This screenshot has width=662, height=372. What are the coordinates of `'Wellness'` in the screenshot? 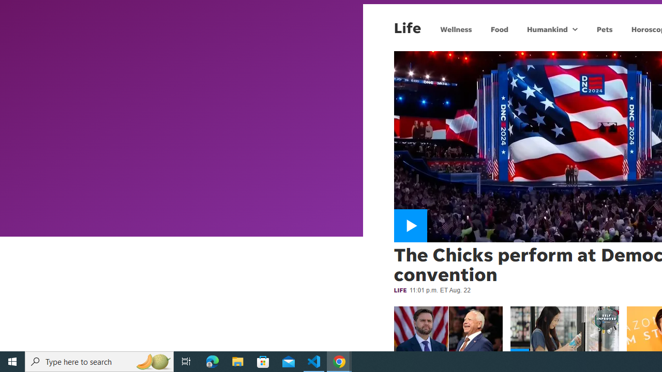 It's located at (455, 28).